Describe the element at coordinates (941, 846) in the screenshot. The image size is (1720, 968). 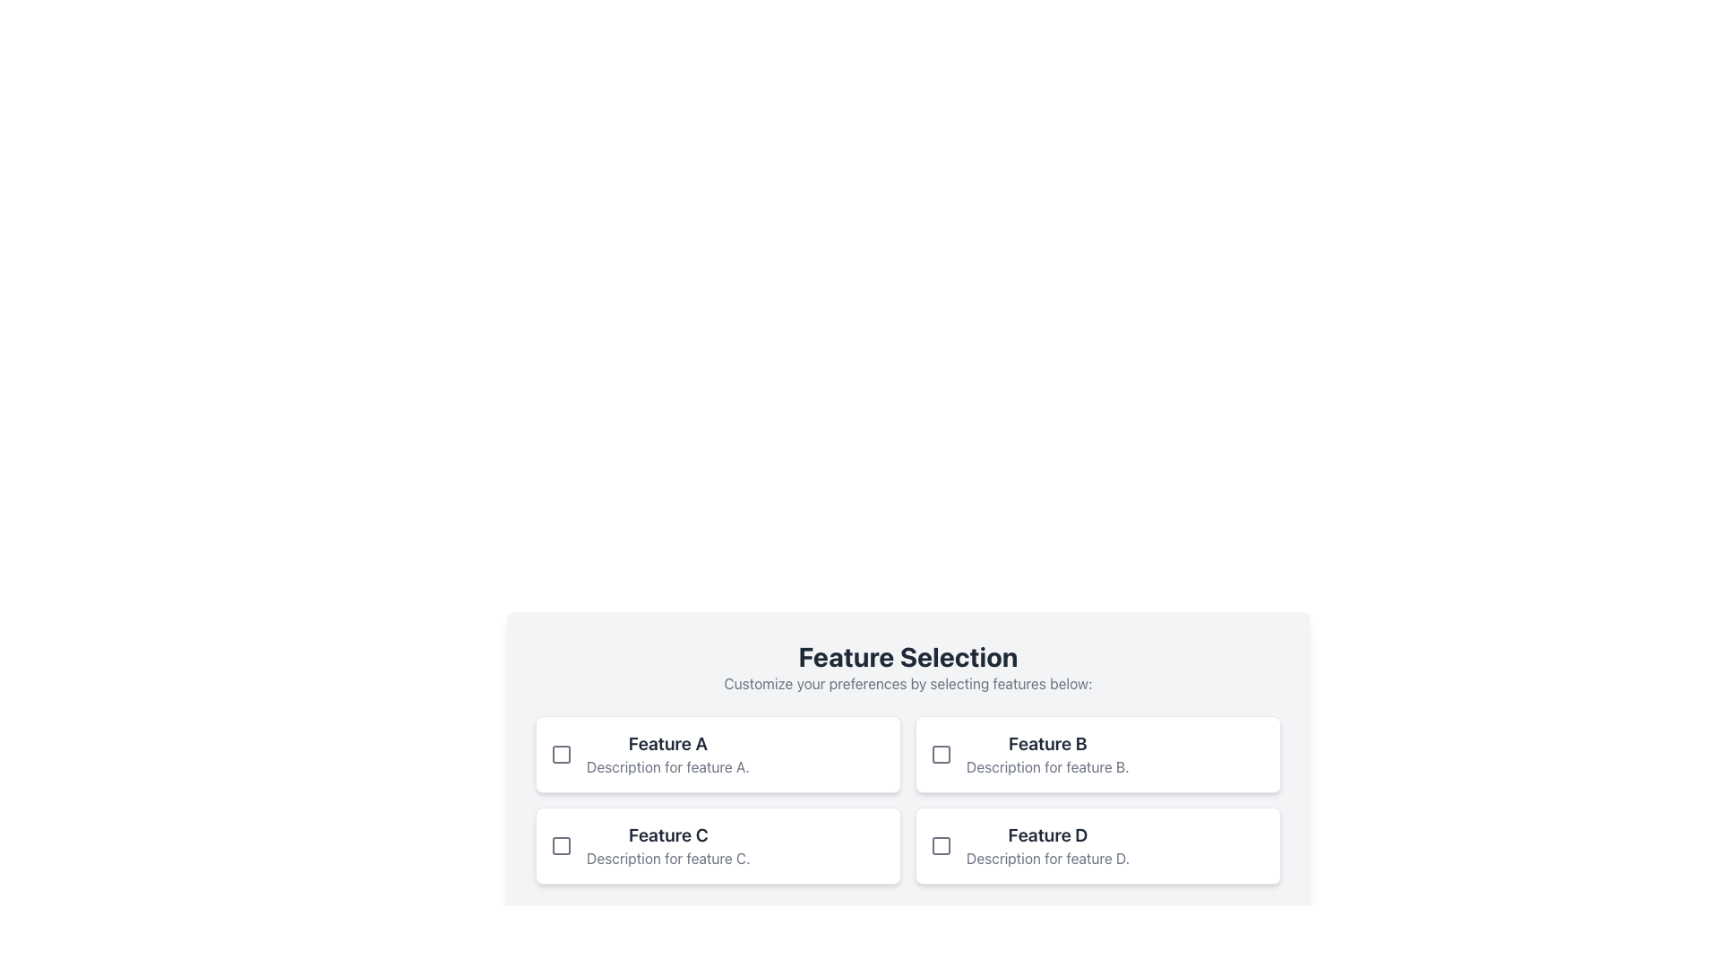
I see `the checkbox icon with a gray border adjacent to the text 'Feature D'` at that location.